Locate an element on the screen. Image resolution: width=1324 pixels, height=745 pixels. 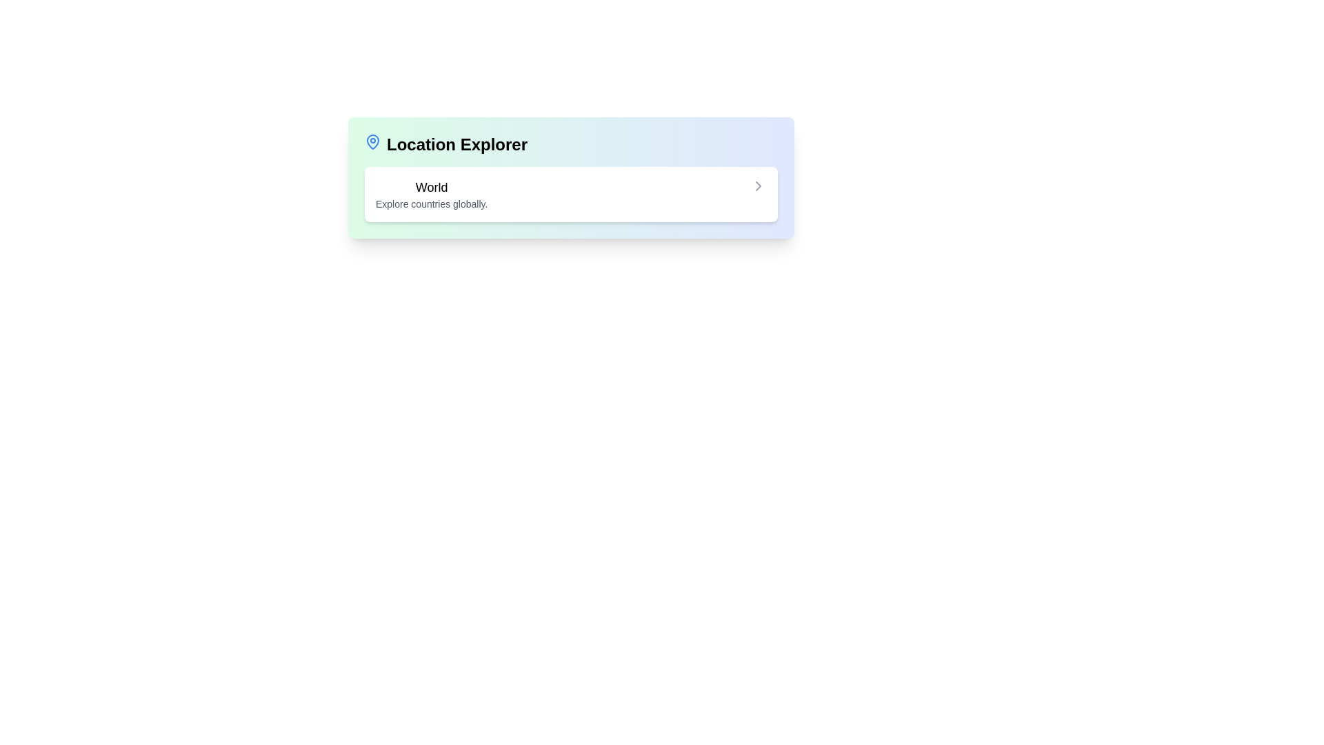
the blue map pin icon located to the left of the 'Location Explorer' text in the interface is located at coordinates (373, 141).